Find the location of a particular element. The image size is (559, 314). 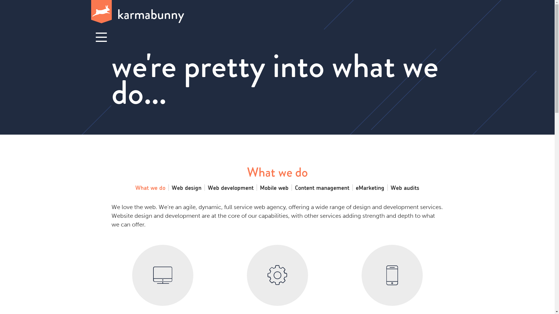

'Mobile web' is located at coordinates (274, 187).